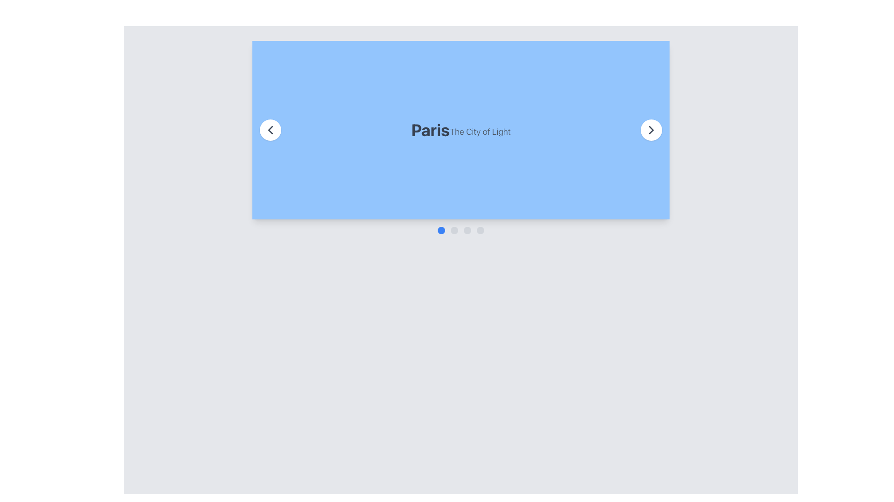 This screenshot has width=894, height=502. Describe the element at coordinates (481, 230) in the screenshot. I see `the fourth circular Interactive Indicator Dot located at the bottom center of the interface, which signifies the active slide in the carousel` at that location.